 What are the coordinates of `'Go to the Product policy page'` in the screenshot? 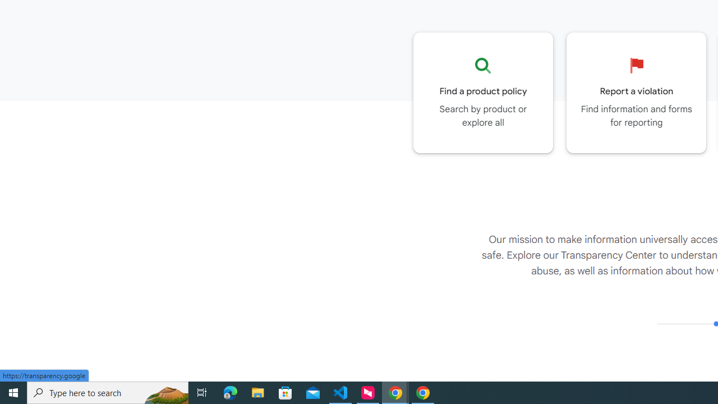 It's located at (483, 92).